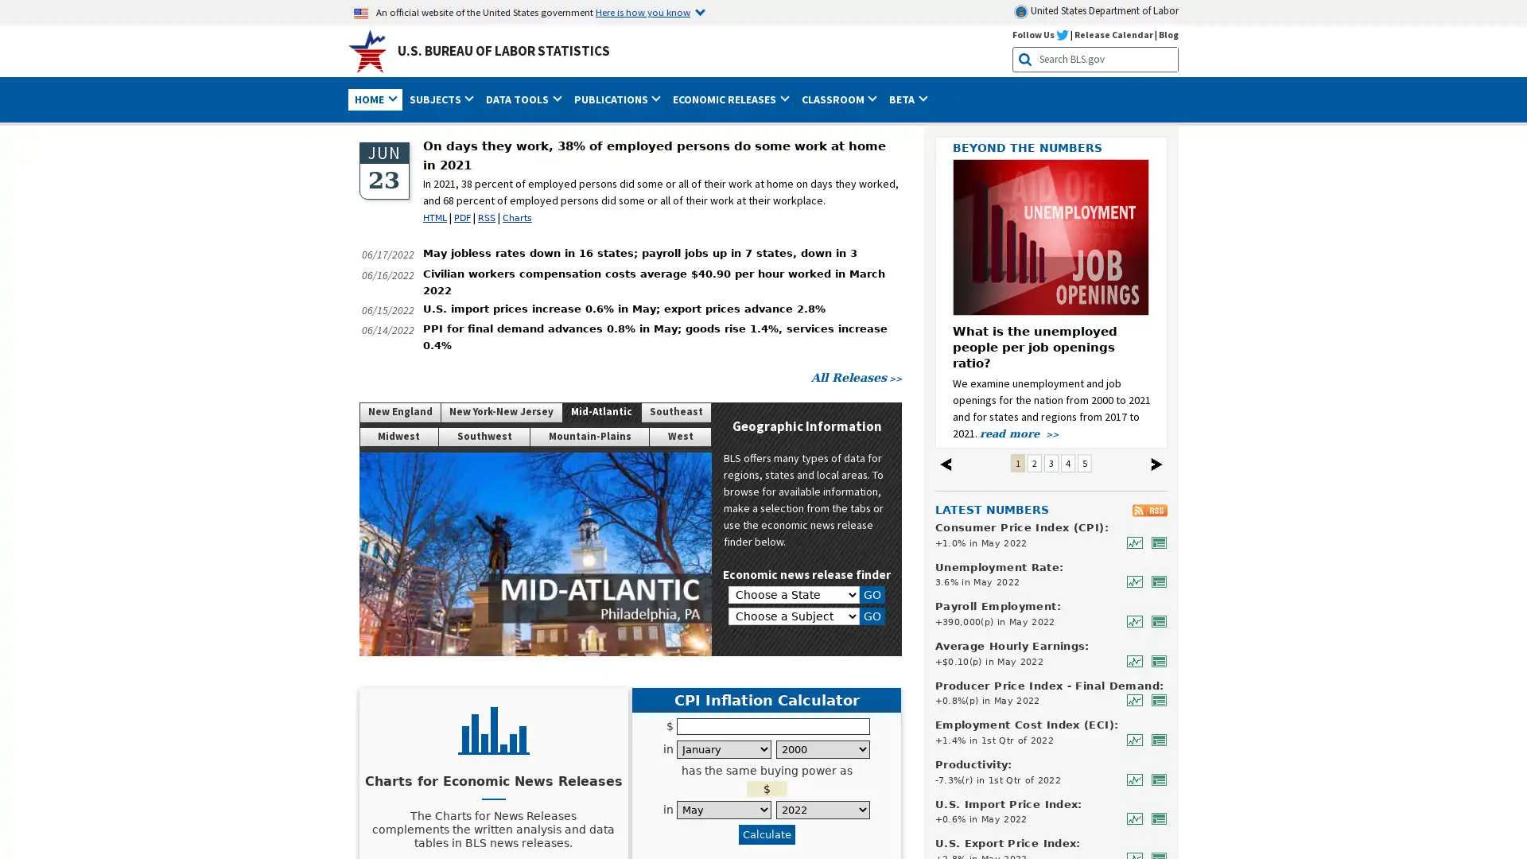  What do you see at coordinates (650, 12) in the screenshot?
I see `Here is how you know` at bounding box center [650, 12].